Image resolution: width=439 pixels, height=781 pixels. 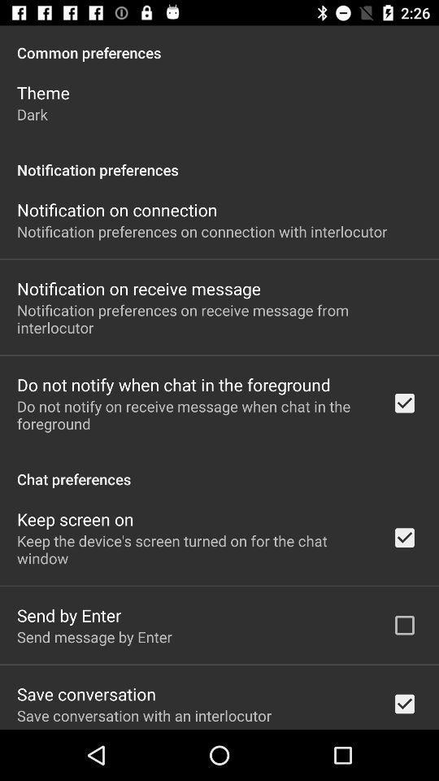 What do you see at coordinates (43, 93) in the screenshot?
I see `the item below common preferences` at bounding box center [43, 93].